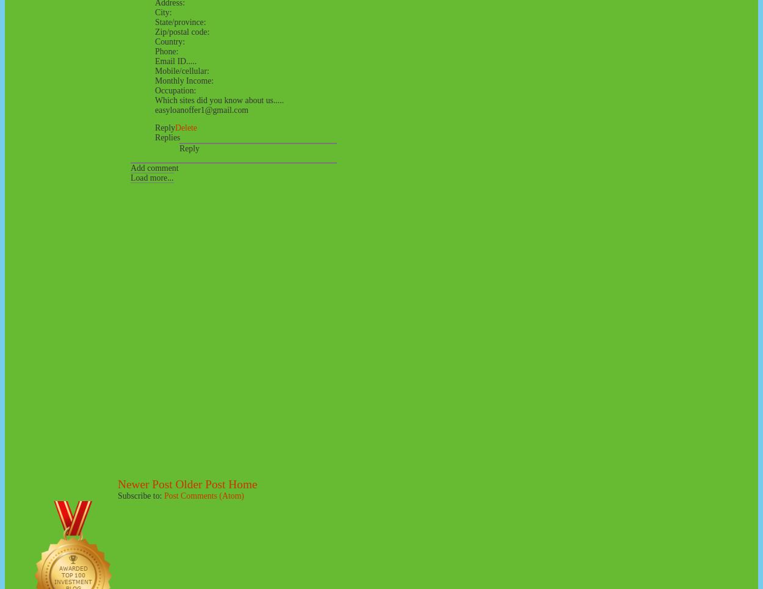 The height and width of the screenshot is (589, 763). What do you see at coordinates (154, 168) in the screenshot?
I see `'Add comment'` at bounding box center [154, 168].